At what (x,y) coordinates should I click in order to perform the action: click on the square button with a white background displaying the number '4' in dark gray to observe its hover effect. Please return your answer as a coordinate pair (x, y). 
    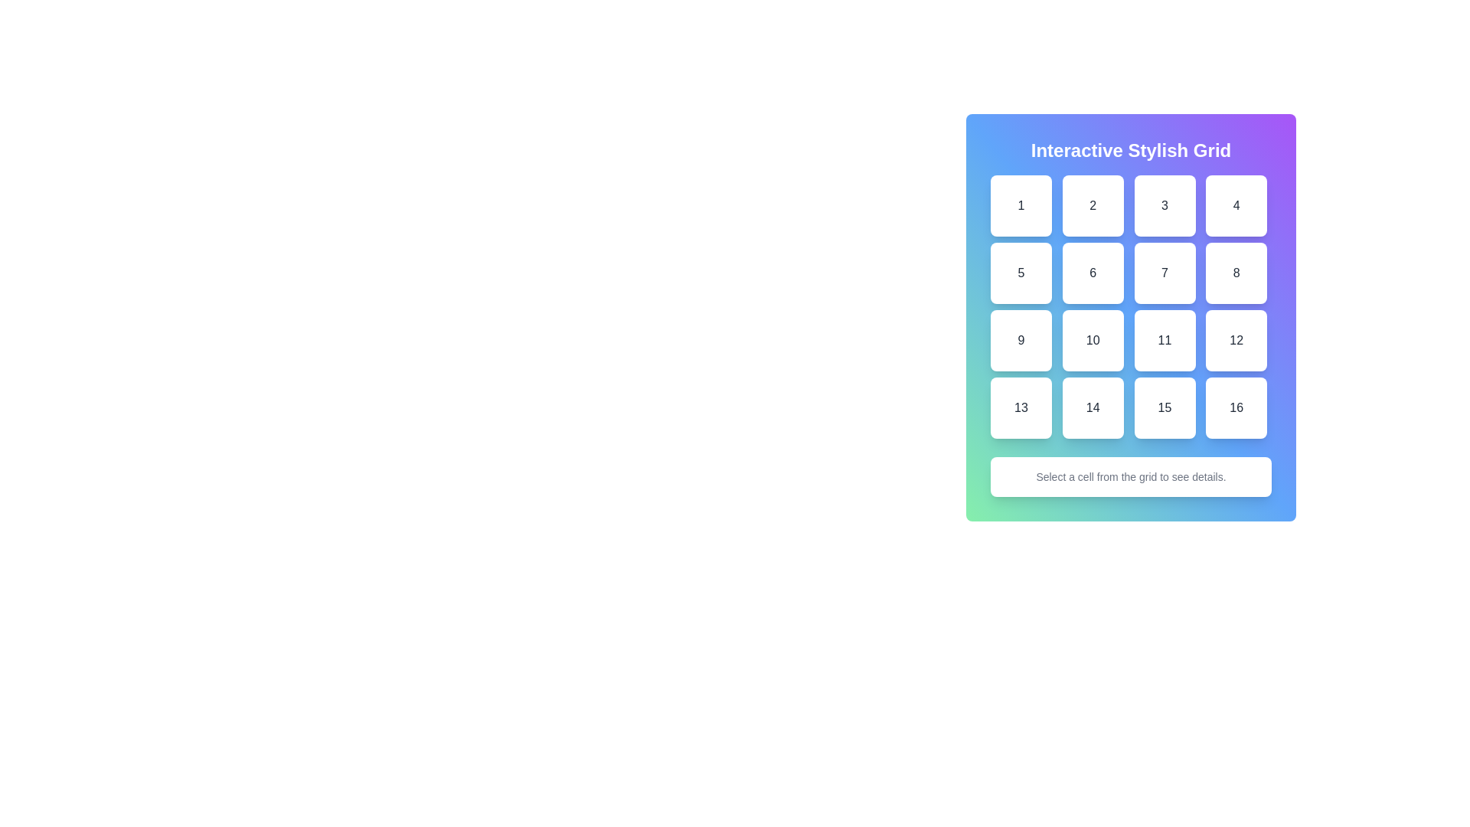
    Looking at the image, I should click on (1236, 205).